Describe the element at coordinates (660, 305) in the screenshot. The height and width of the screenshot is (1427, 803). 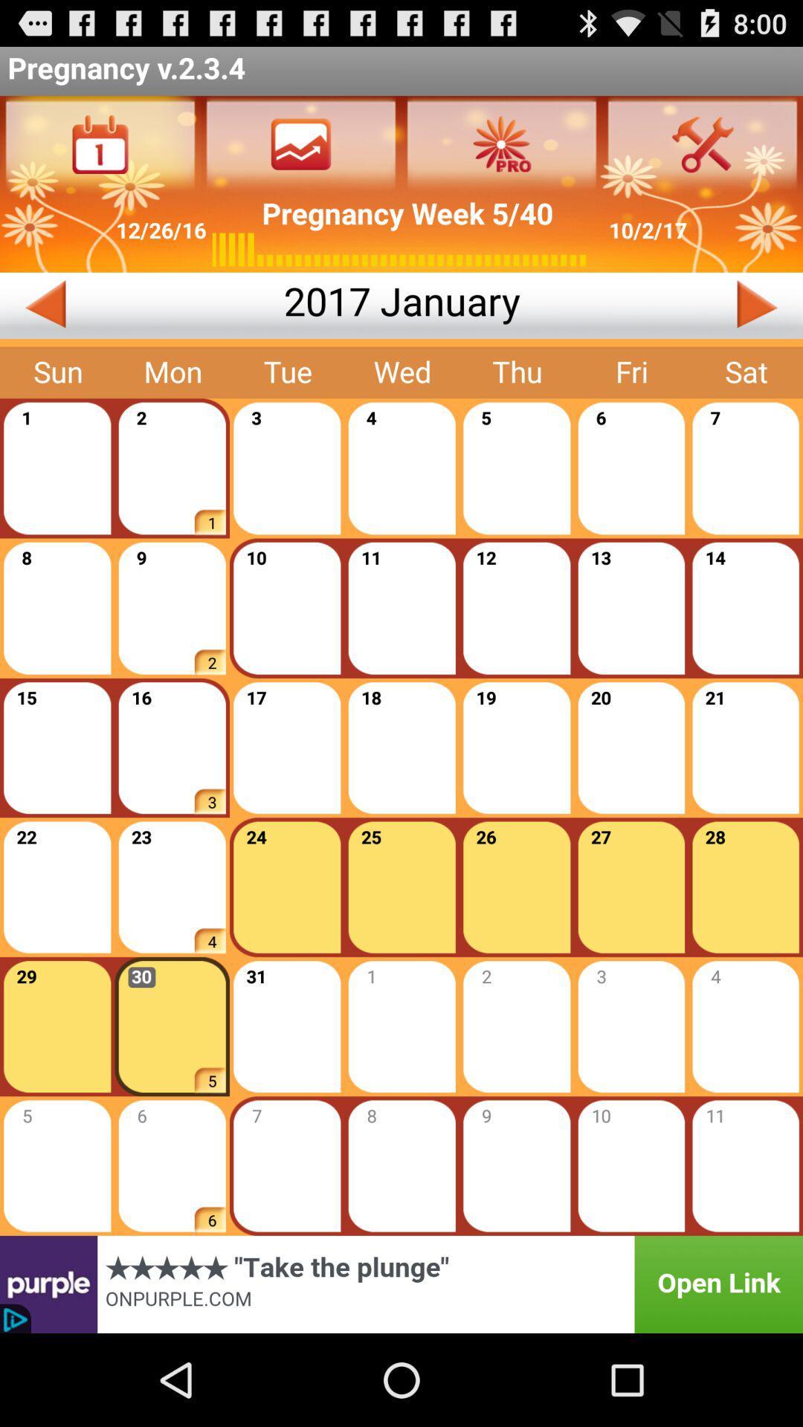
I see `next` at that location.